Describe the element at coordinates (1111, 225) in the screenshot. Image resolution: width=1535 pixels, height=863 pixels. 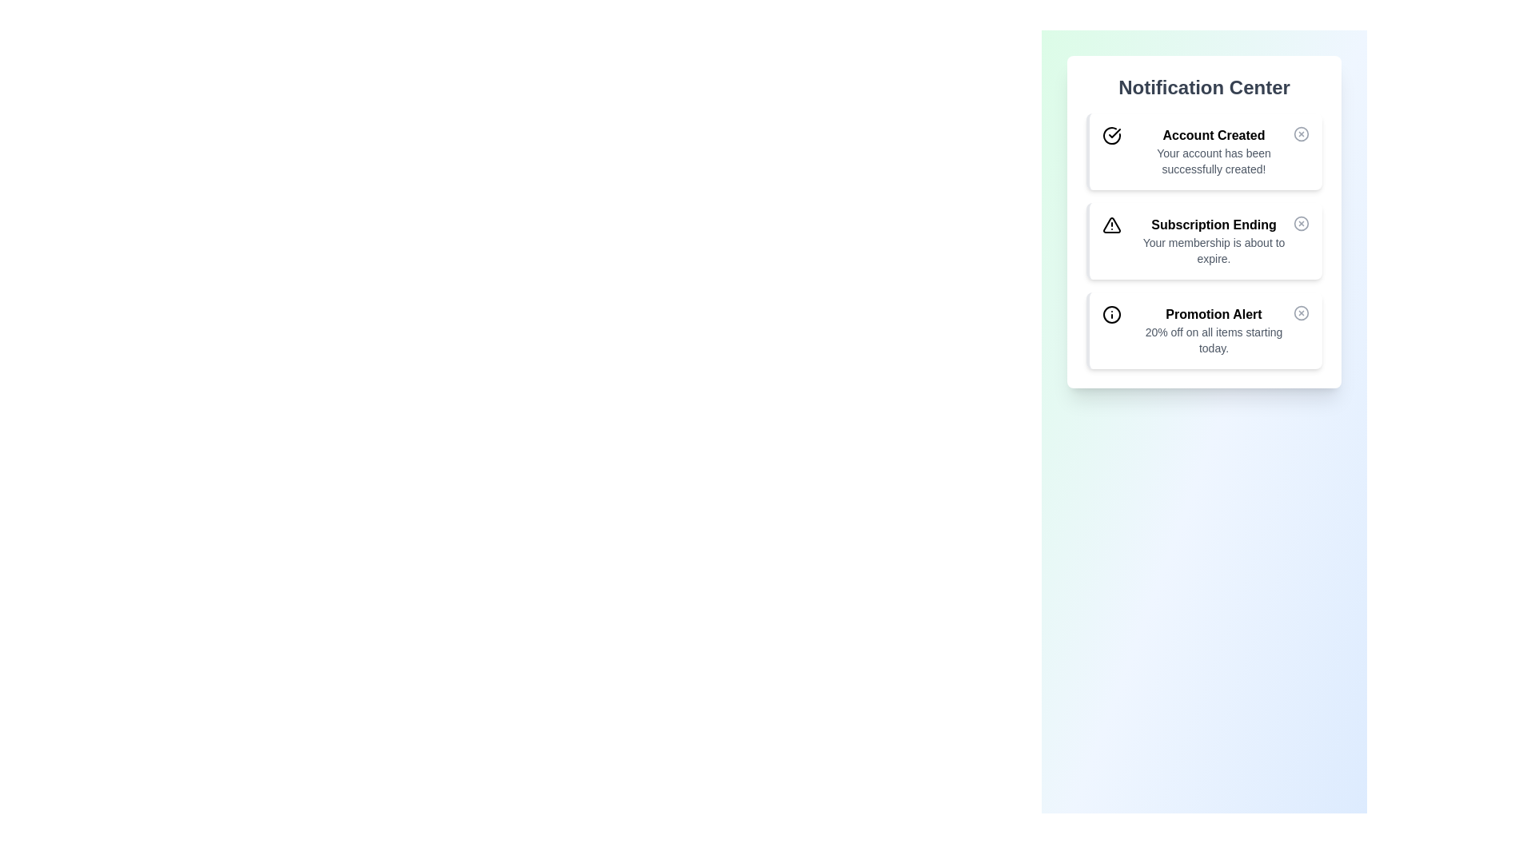
I see `the triangular warning icon with an exclamation mark located within the notification card stating 'Subscription Ending Your membership is about to expire.' This icon is positioned to the left of the title text 'Subscription Ending.'` at that location.